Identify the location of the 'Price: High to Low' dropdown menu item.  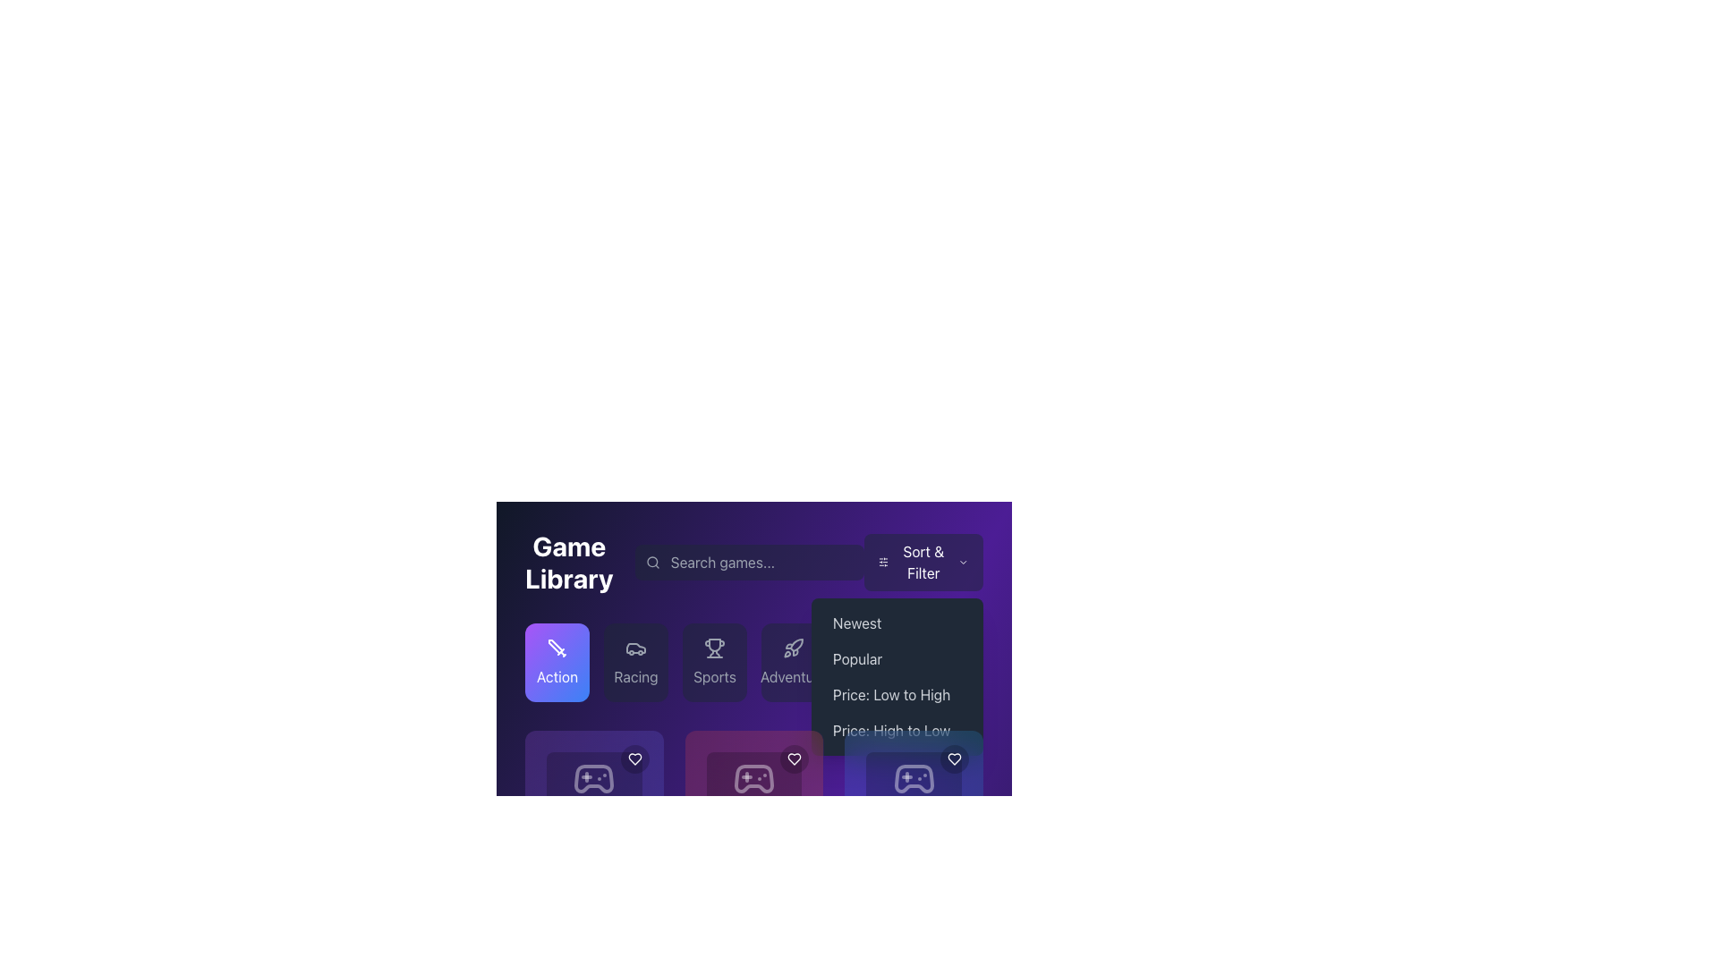
(897, 731).